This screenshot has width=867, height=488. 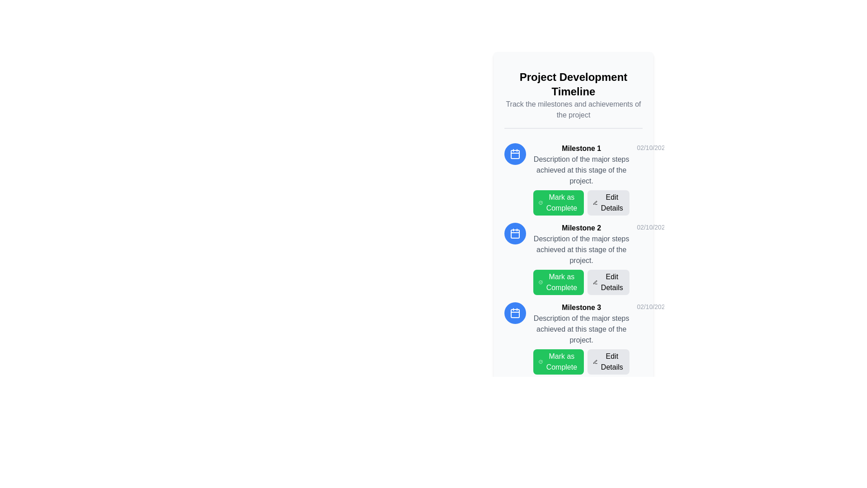 What do you see at coordinates (573, 259) in the screenshot?
I see `the milestone actions by clicking on the 'Mark as Complete' or 'Edit Details' buttons in the vertical list of milestone items, which are displayed under the 'Project Development Timeline' section` at bounding box center [573, 259].